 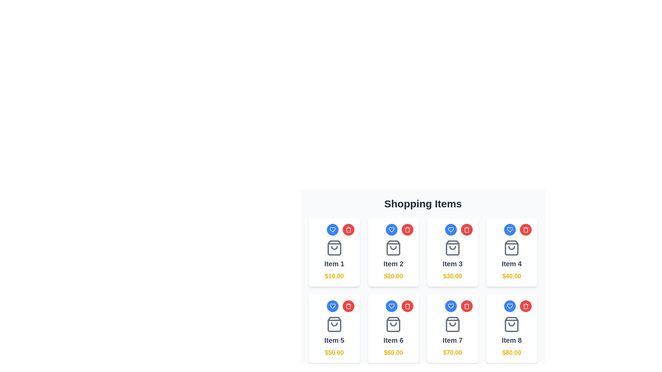 What do you see at coordinates (393, 263) in the screenshot?
I see `the text label displaying 'Item 2', which is styled in bold gray font and positioned centrally in the second shopping item card above the price text '$20.00'` at bounding box center [393, 263].